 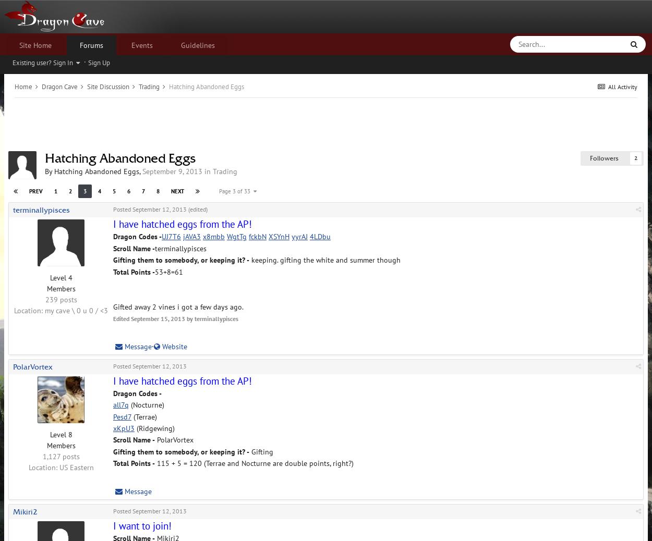 What do you see at coordinates (171, 237) in the screenshot?
I see `'UJ7T6'` at bounding box center [171, 237].